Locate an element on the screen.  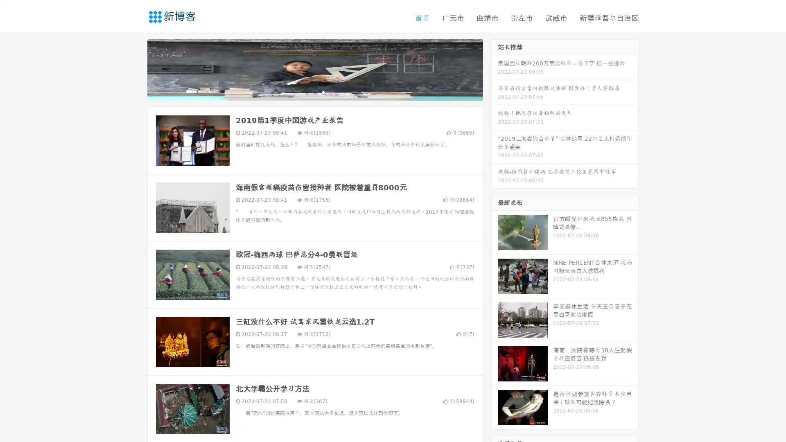
Go to slide 3 is located at coordinates (323, 92).